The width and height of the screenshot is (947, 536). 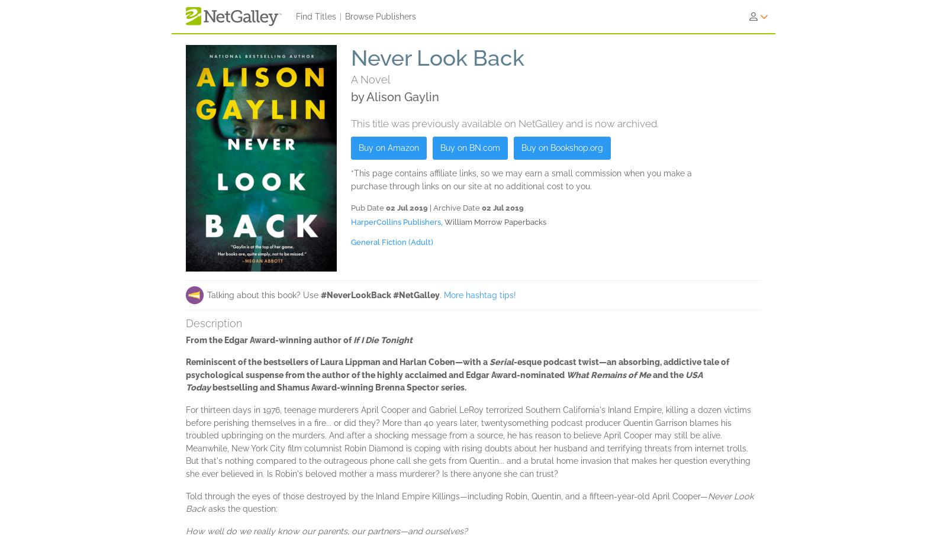 What do you see at coordinates (471, 409) in the screenshot?
I see `'Adi Tantimedh'` at bounding box center [471, 409].